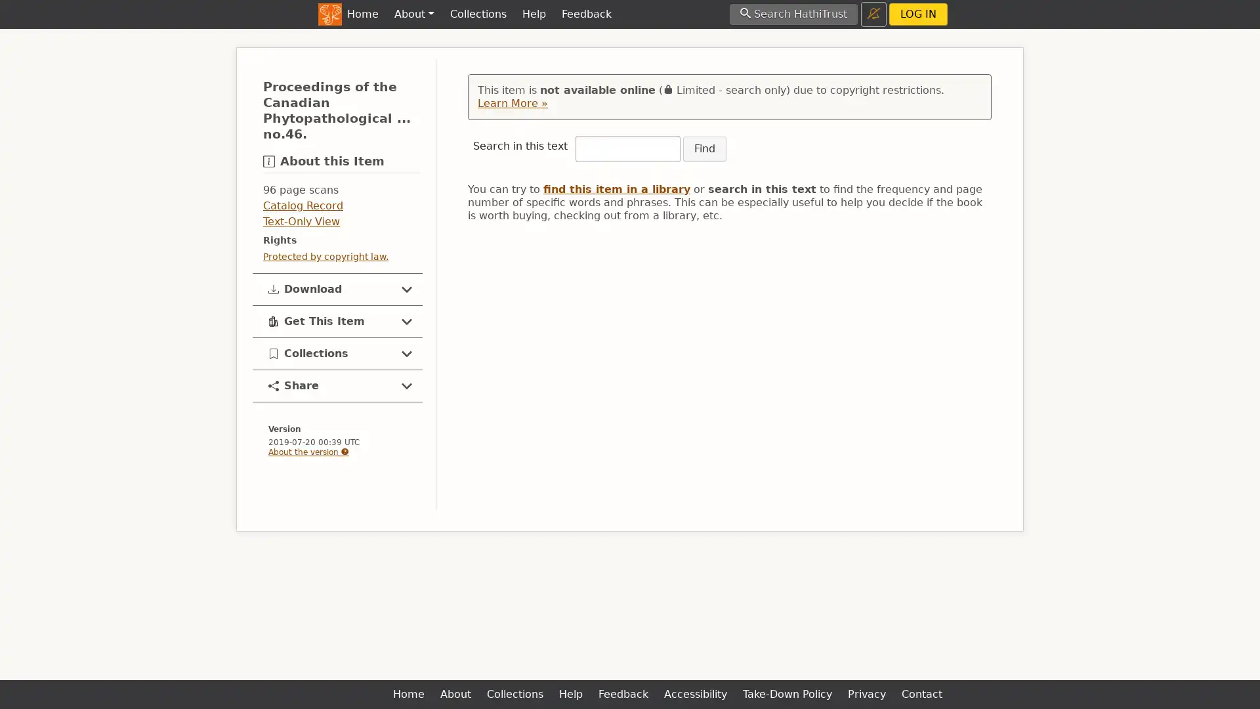 The width and height of the screenshot is (1260, 709). I want to click on About, so click(413, 14).